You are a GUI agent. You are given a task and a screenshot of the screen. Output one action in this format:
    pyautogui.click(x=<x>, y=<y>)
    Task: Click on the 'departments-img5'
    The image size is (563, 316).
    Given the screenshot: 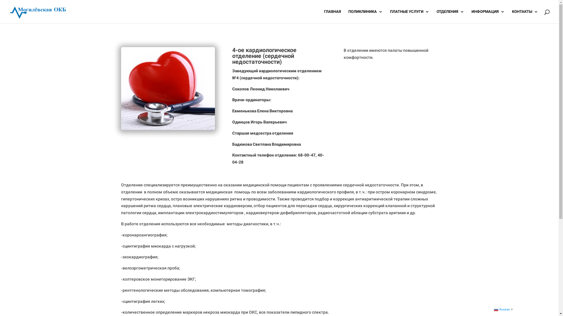 What is the action you would take?
    pyautogui.click(x=167, y=88)
    